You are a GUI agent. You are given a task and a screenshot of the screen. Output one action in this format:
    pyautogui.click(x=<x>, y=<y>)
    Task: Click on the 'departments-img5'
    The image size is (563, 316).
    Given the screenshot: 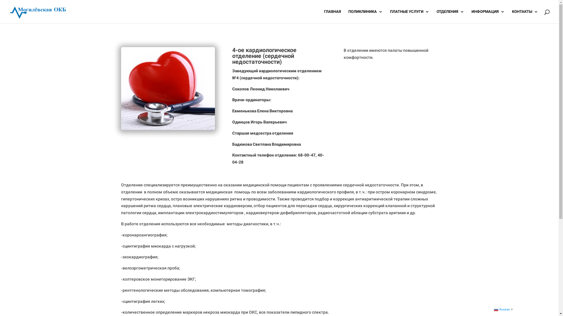 What is the action you would take?
    pyautogui.click(x=167, y=88)
    